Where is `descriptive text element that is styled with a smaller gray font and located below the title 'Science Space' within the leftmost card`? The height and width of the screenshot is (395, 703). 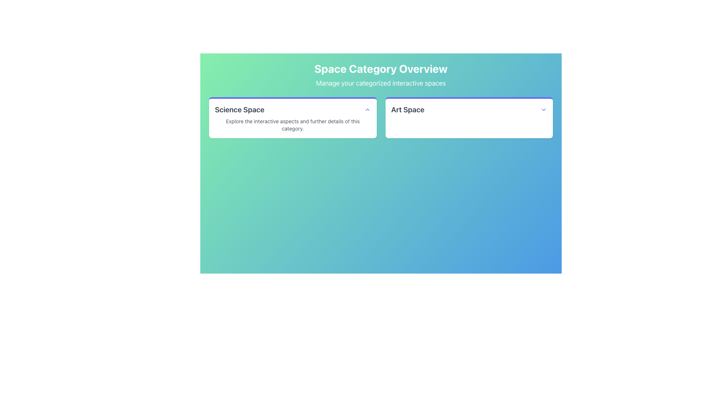 descriptive text element that is styled with a smaller gray font and located below the title 'Science Space' within the leftmost card is located at coordinates (292, 125).